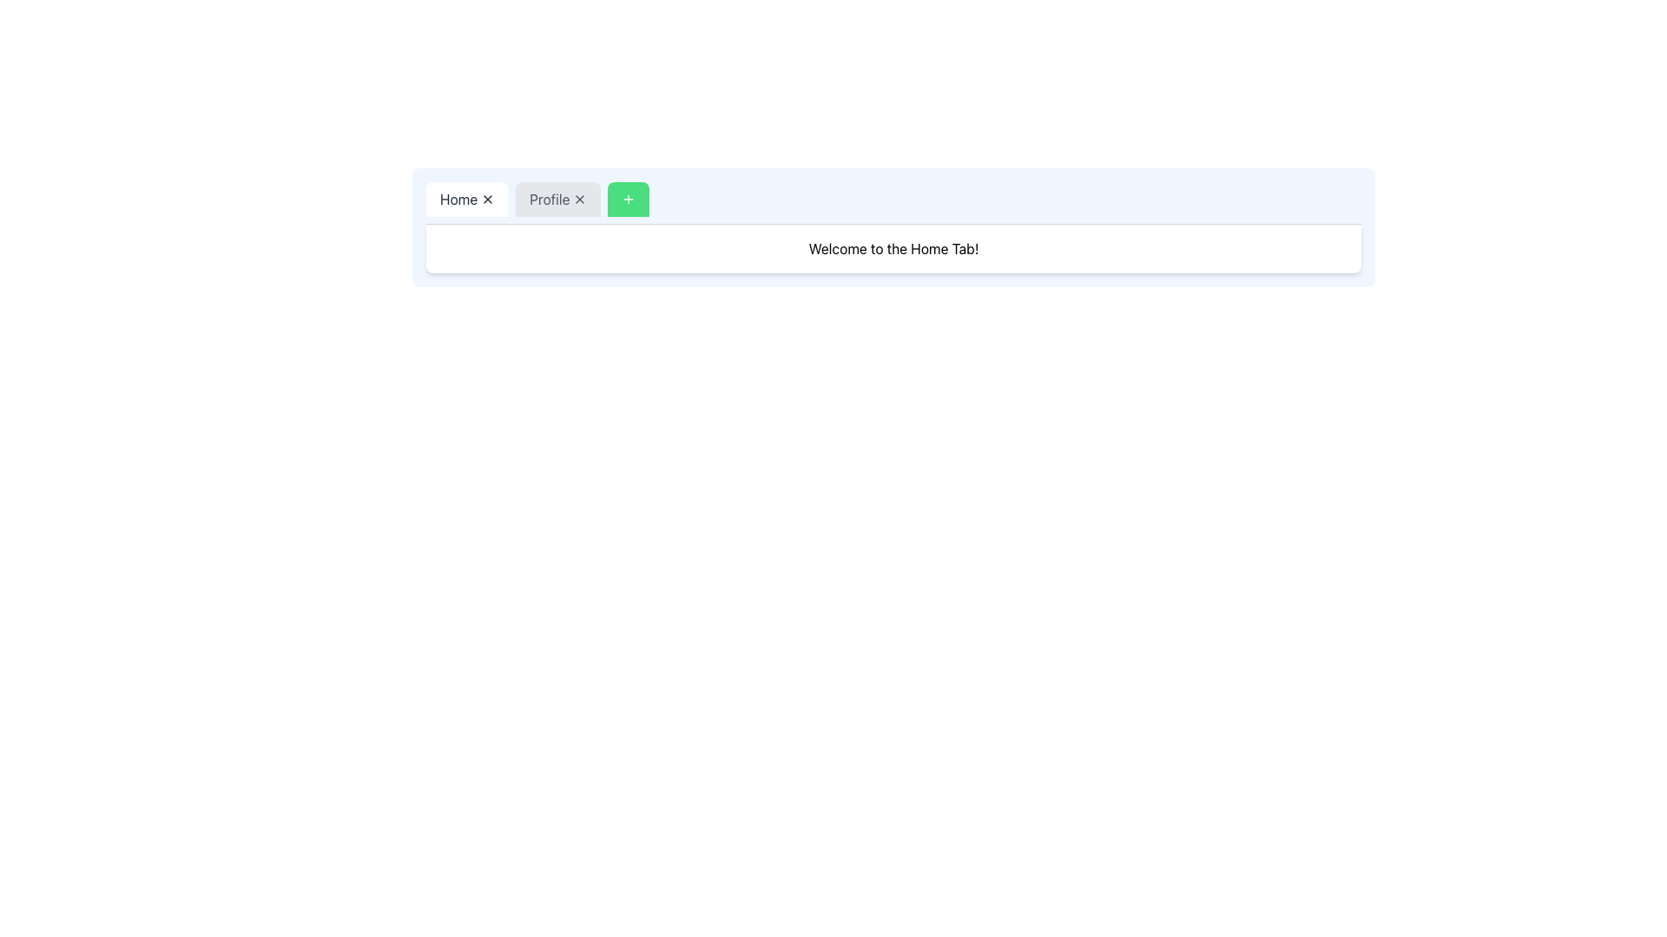 This screenshot has width=1667, height=937. Describe the element at coordinates (487, 199) in the screenshot. I see `the 'X' icon button located on the right side of the 'Home' tab` at that location.